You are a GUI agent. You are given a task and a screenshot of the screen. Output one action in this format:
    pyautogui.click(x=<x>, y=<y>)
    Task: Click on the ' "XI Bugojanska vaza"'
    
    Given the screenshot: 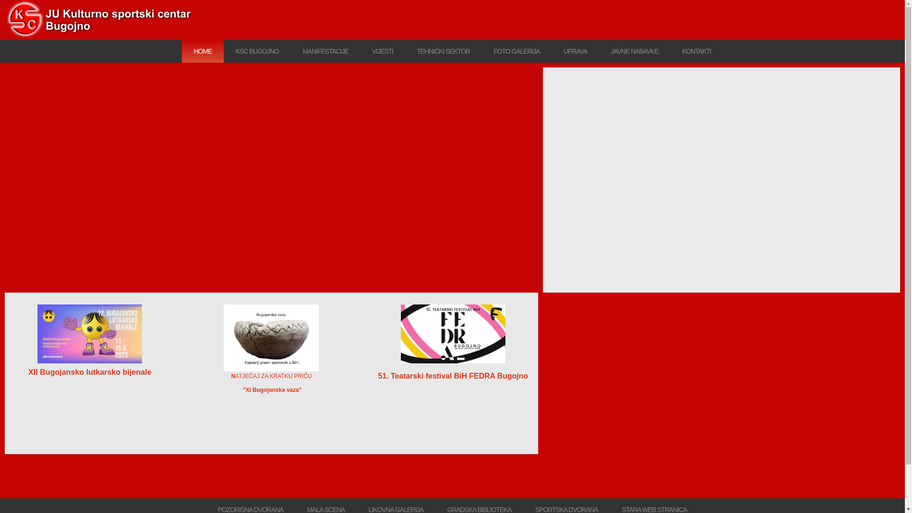 What is the action you would take?
    pyautogui.click(x=271, y=390)
    